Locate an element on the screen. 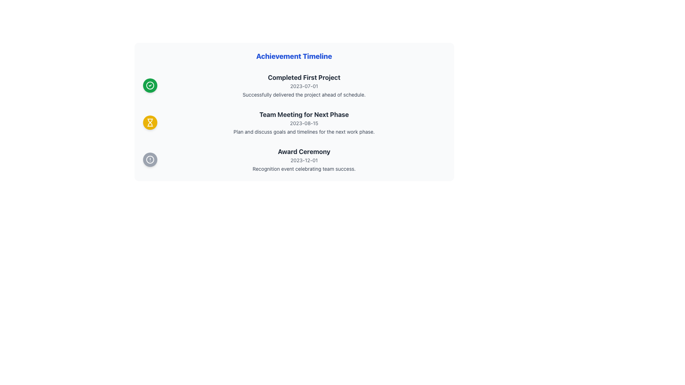 This screenshot has width=685, height=385. the text element displaying '2023-07-01', which is located below the title 'Completed First Project' in the timeline layout is located at coordinates (304, 86).